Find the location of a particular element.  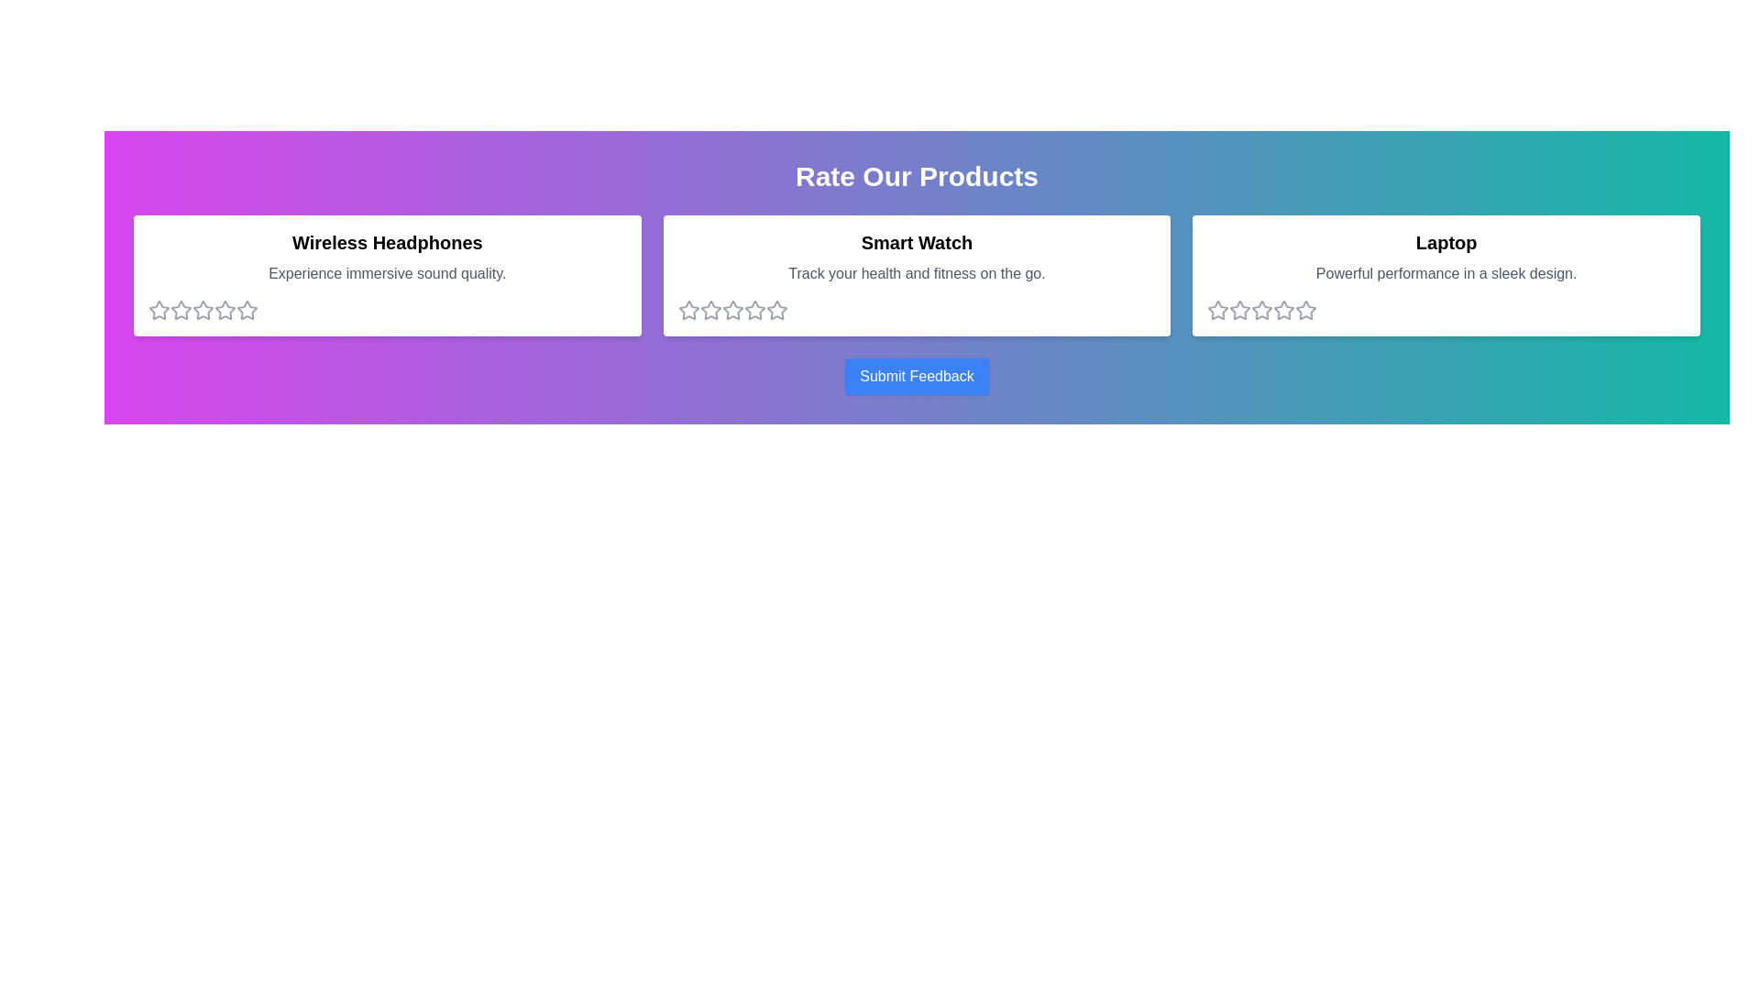

the title of the product Wireless Headphones is located at coordinates (386, 242).